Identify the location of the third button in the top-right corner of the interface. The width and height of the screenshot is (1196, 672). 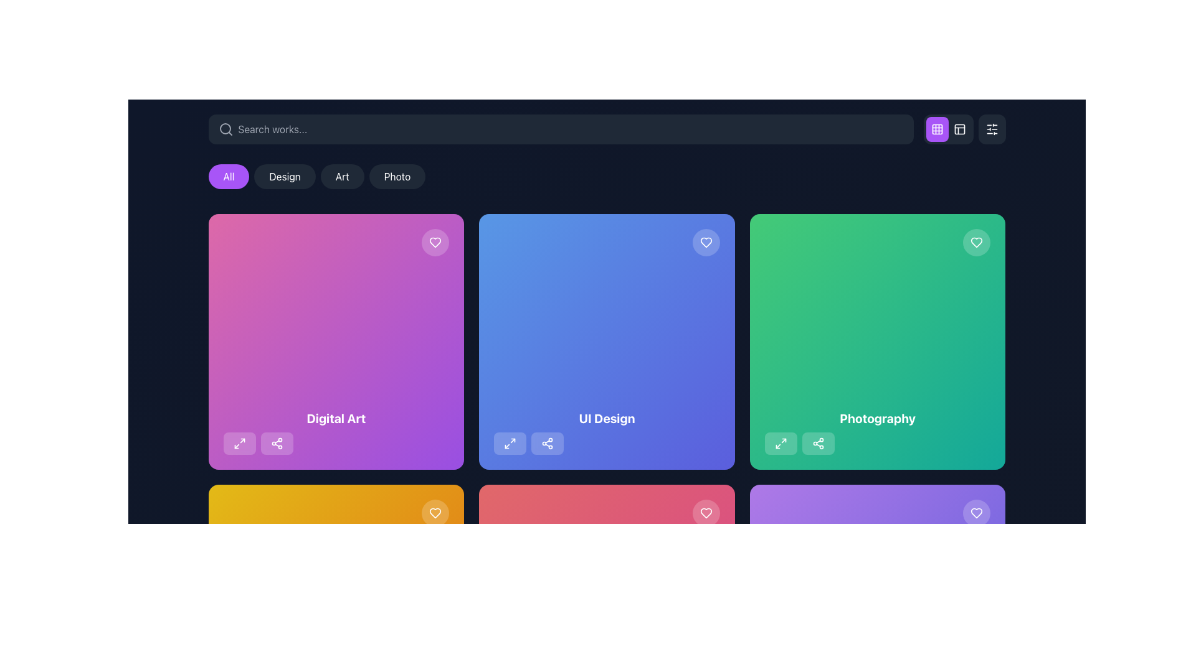
(959, 129).